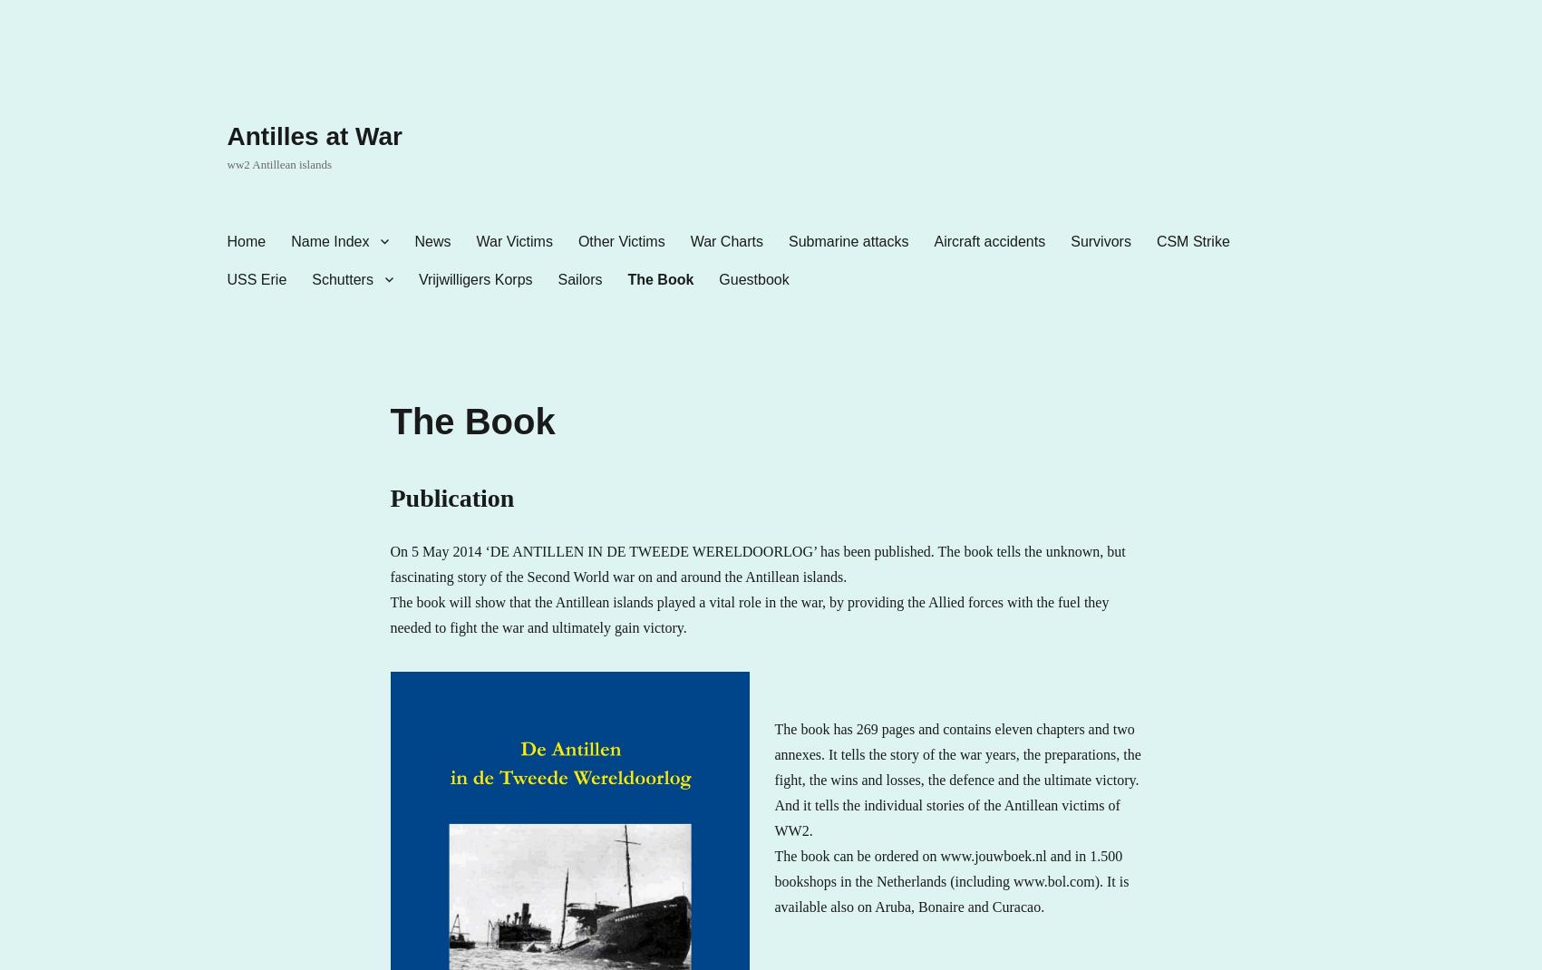 The width and height of the screenshot is (1542, 970). Describe the element at coordinates (330, 239) in the screenshot. I see `'Name Index'` at that location.